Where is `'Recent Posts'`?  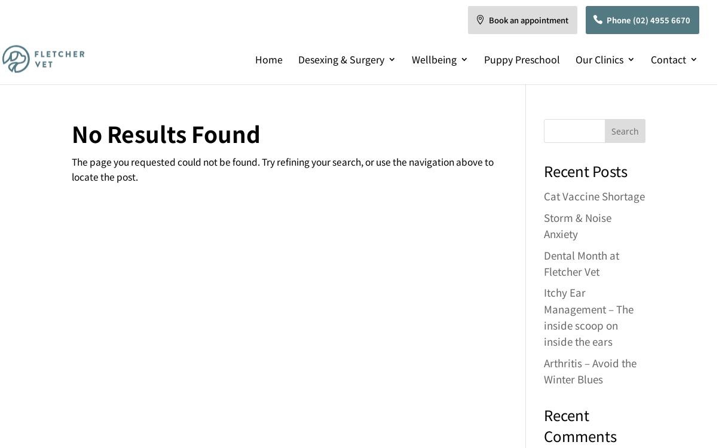
'Recent Posts' is located at coordinates (542, 170).